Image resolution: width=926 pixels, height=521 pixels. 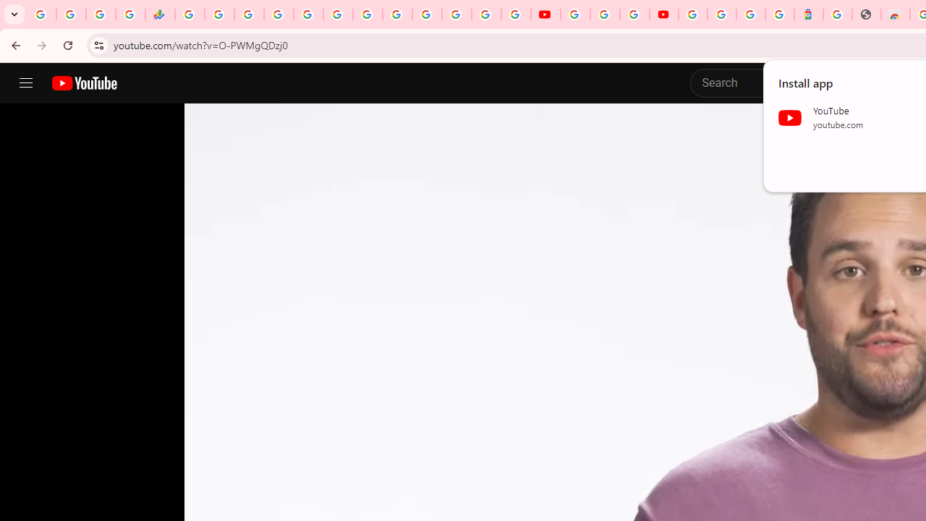 I want to click on 'Sign in - Google Accounts', so click(x=692, y=14).